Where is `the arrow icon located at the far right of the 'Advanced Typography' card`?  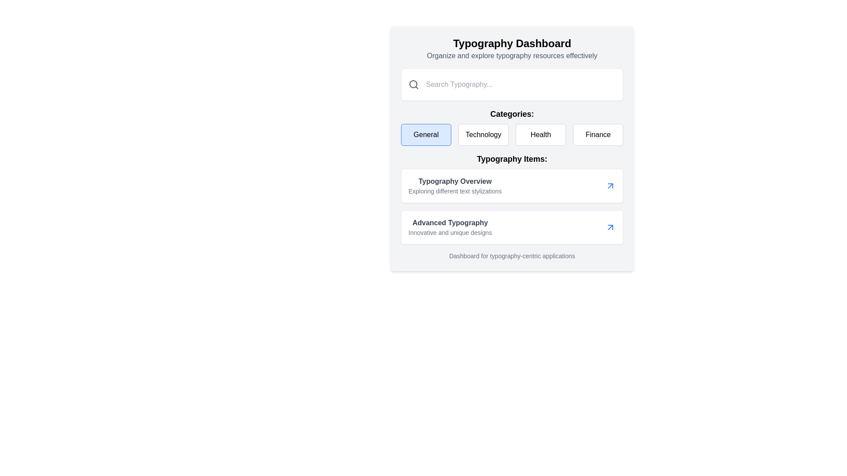 the arrow icon located at the far right of the 'Advanced Typography' card is located at coordinates (610, 227).